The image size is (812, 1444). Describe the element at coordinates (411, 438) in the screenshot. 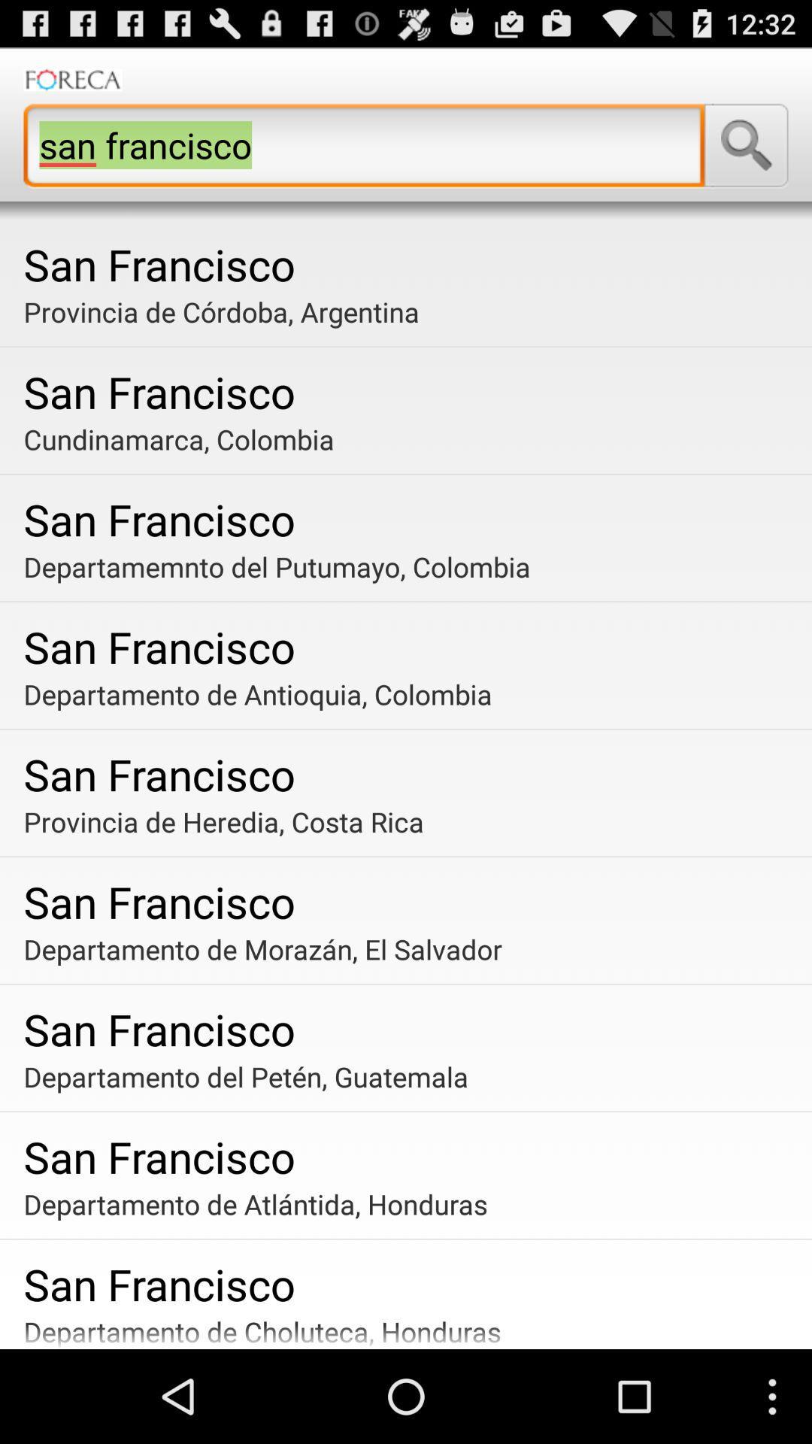

I see `the cundinamarca, colombia` at that location.